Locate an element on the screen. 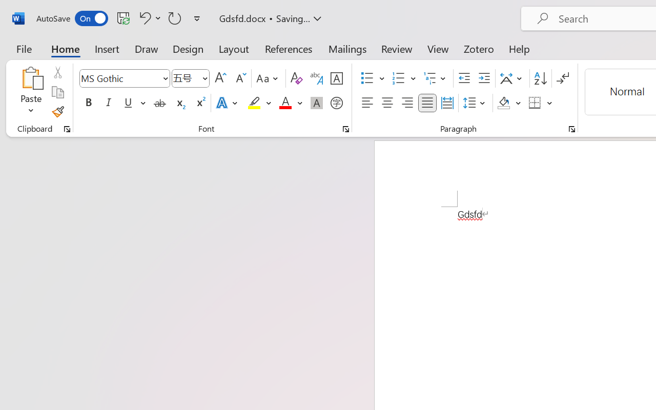 The width and height of the screenshot is (656, 410). 'Align Left' is located at coordinates (367, 103).